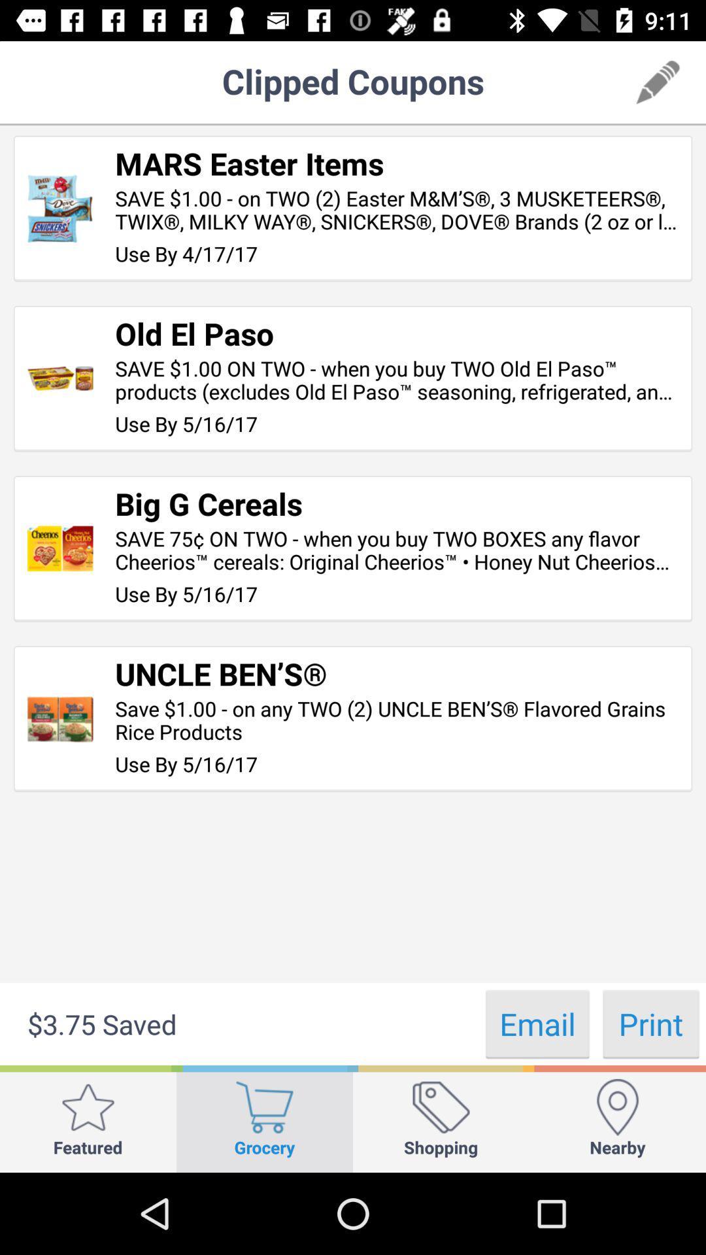 This screenshot has height=1255, width=706. Describe the element at coordinates (650, 1023) in the screenshot. I see `item next to email` at that location.